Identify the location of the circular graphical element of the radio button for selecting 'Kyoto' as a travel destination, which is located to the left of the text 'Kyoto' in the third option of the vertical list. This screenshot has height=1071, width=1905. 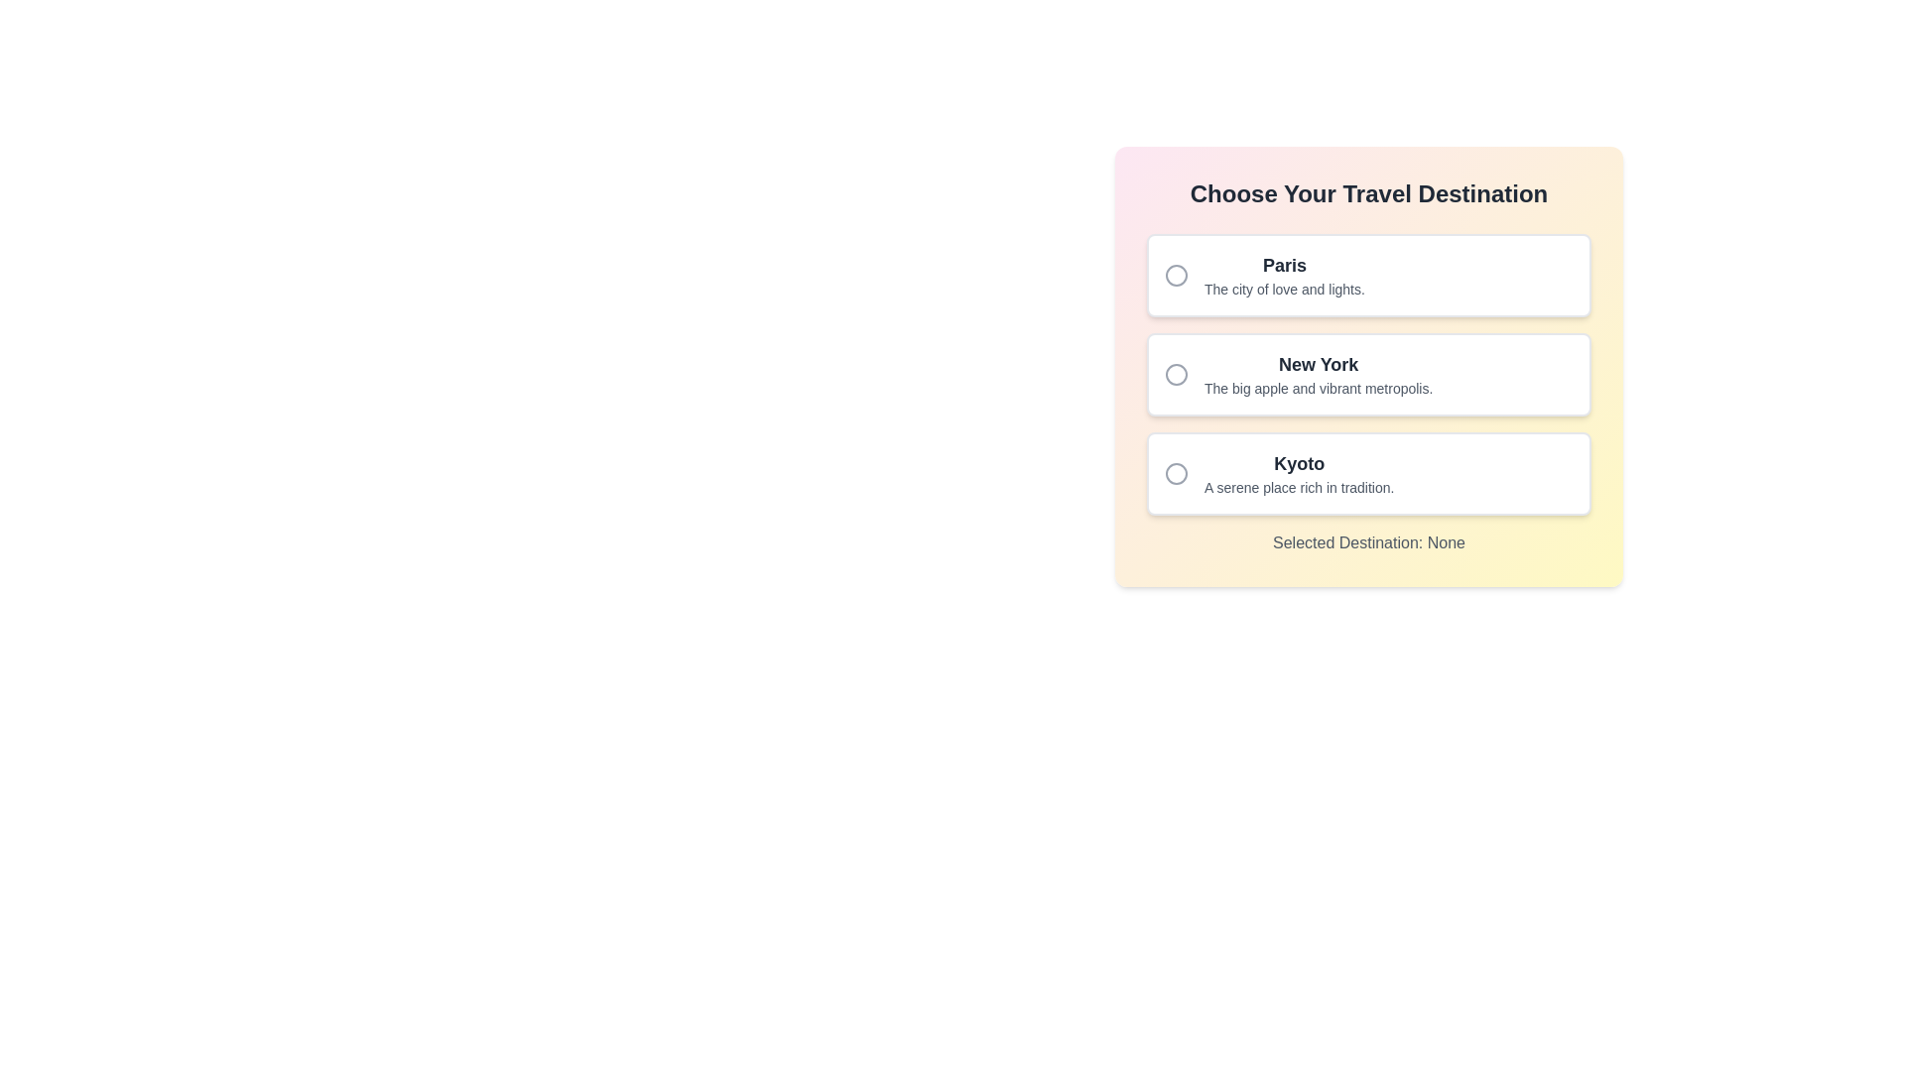
(1176, 474).